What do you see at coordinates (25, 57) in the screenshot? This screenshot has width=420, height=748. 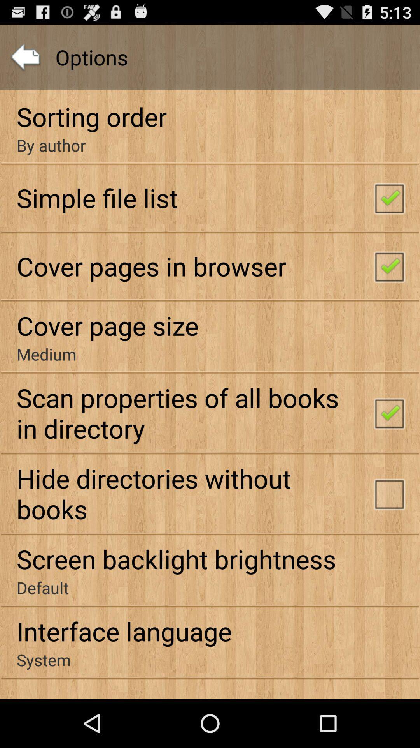 I see `the icon next to the options item` at bounding box center [25, 57].